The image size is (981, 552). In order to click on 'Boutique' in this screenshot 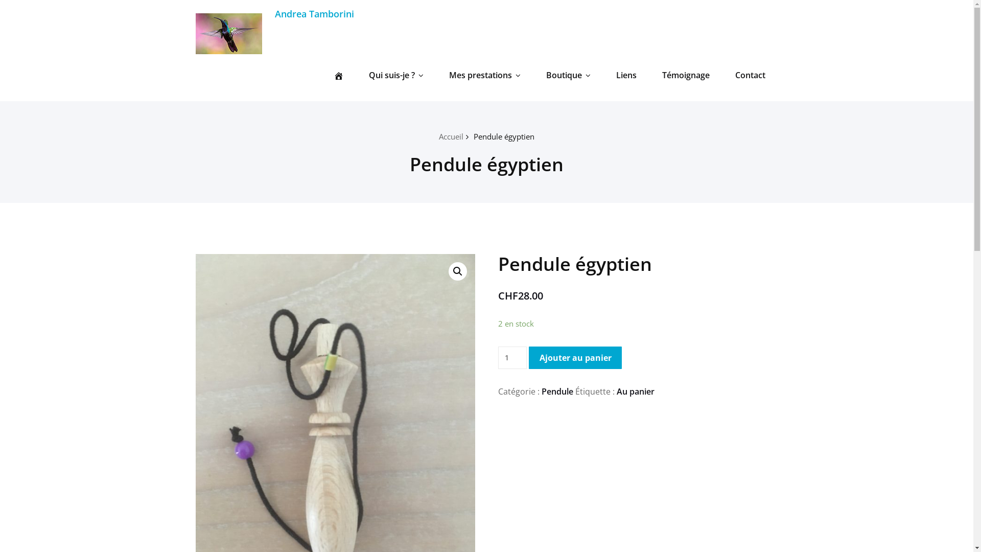, I will do `click(568, 74)`.